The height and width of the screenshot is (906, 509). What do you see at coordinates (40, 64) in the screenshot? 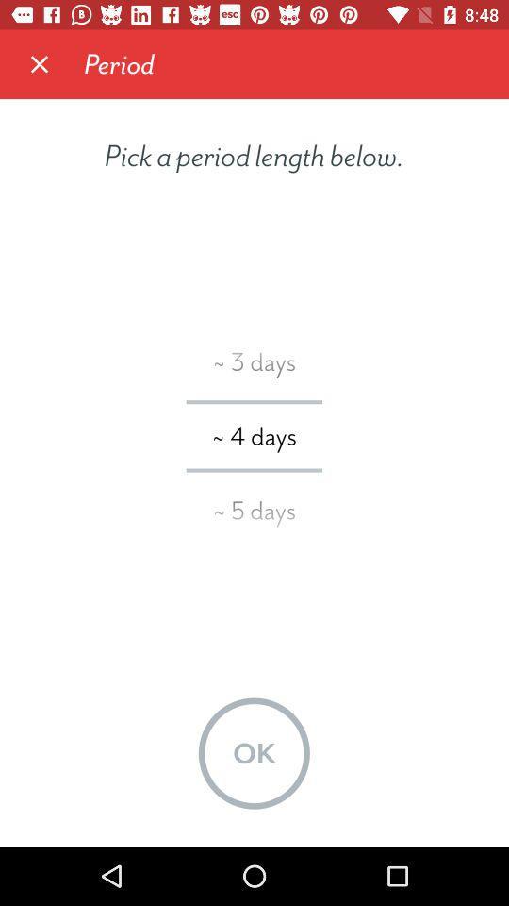
I see `the window` at bounding box center [40, 64].